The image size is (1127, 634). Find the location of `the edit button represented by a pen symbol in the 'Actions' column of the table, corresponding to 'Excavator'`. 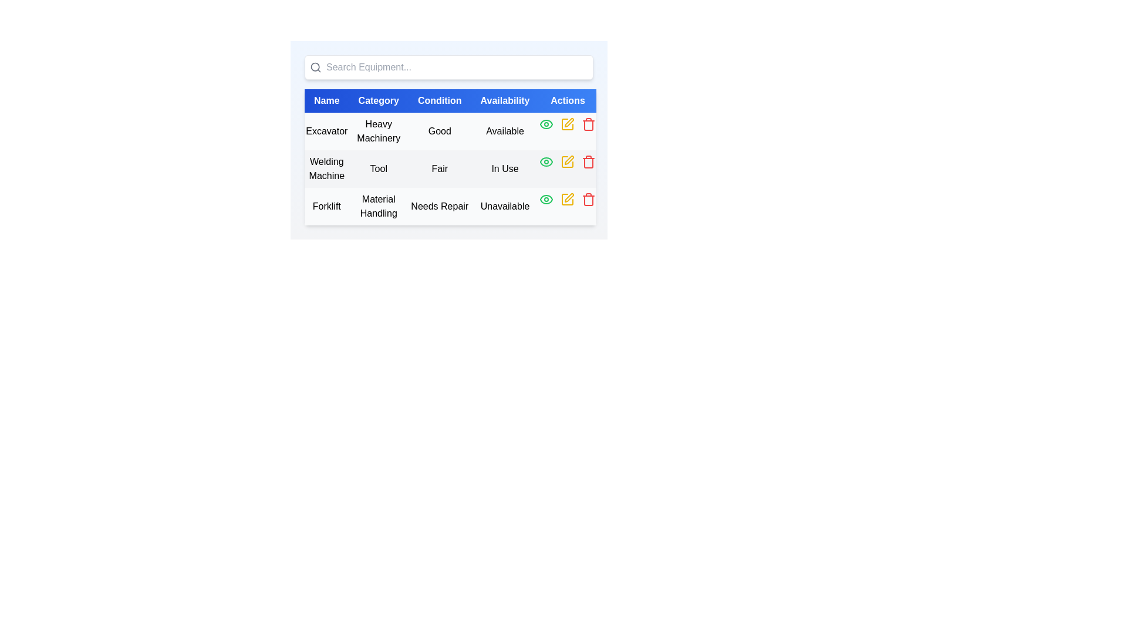

the edit button represented by a pen symbol in the 'Actions' column of the table, corresponding to 'Excavator' is located at coordinates (568, 124).